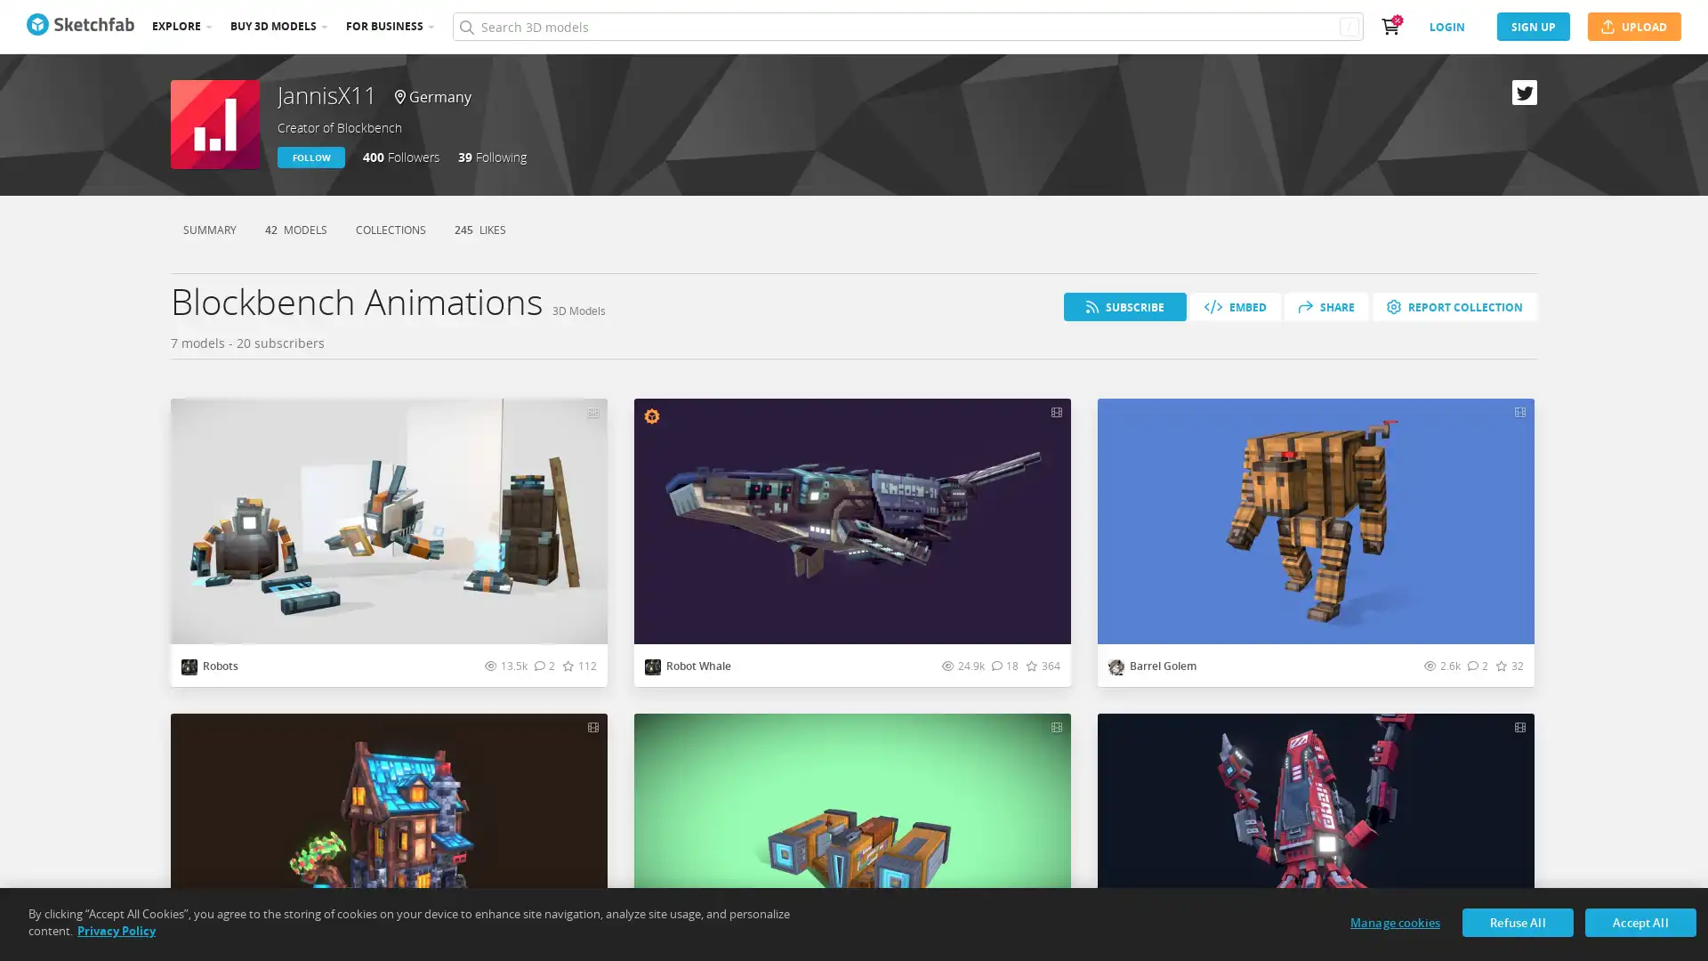 The height and width of the screenshot is (961, 1708). Describe the element at coordinates (1640, 922) in the screenshot. I see `Accept All` at that location.